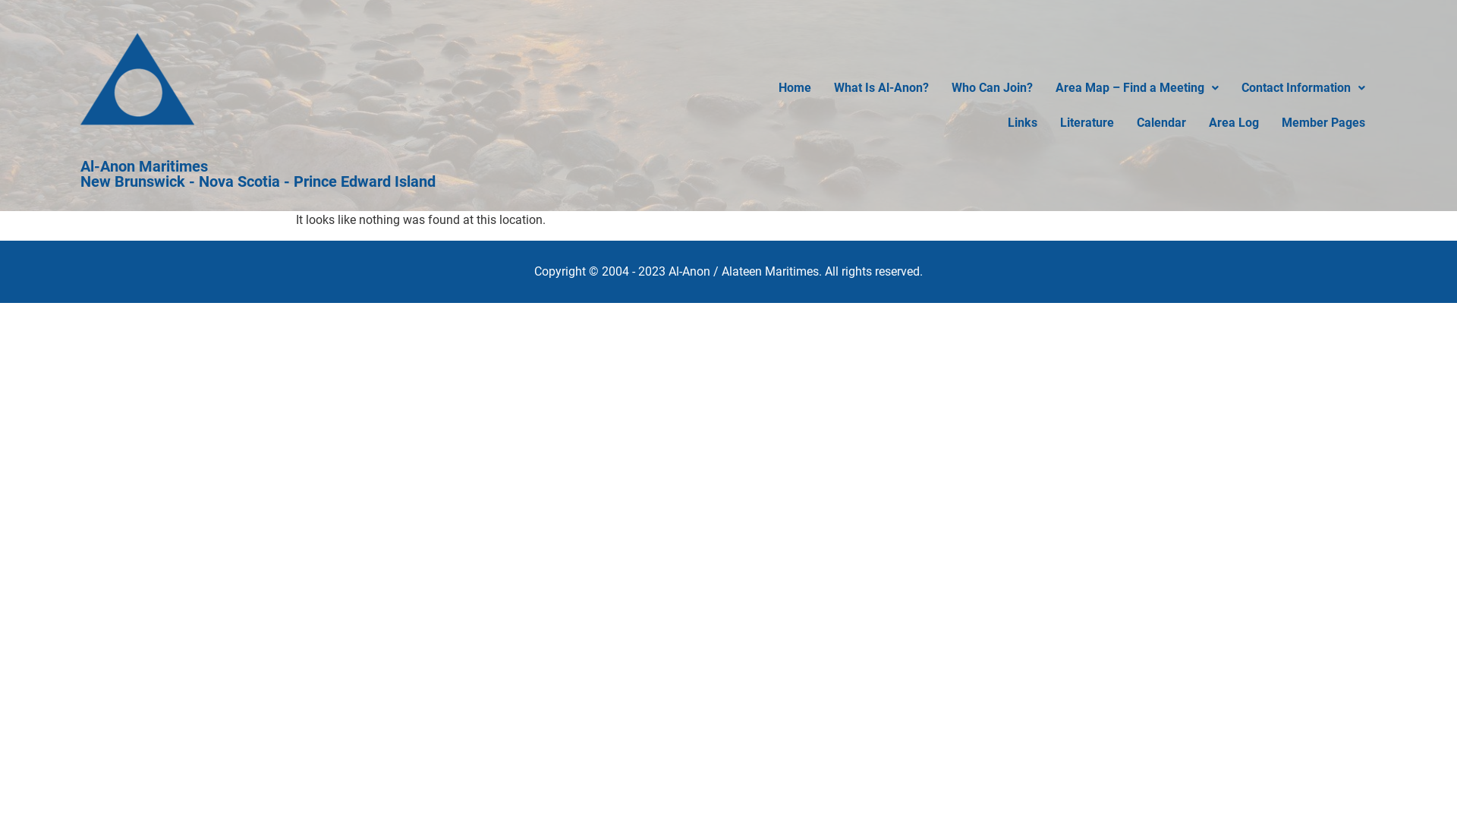 The height and width of the screenshot is (820, 1457). What do you see at coordinates (992, 87) in the screenshot?
I see `'Who Can Join?'` at bounding box center [992, 87].